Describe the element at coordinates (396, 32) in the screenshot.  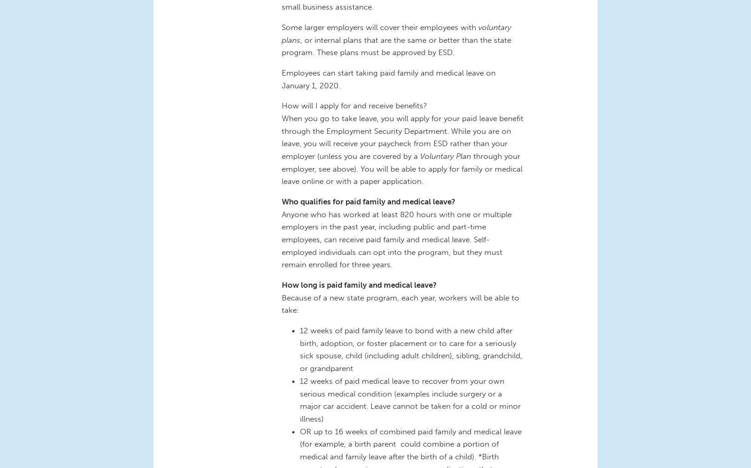
I see `'voluntary plans'` at that location.